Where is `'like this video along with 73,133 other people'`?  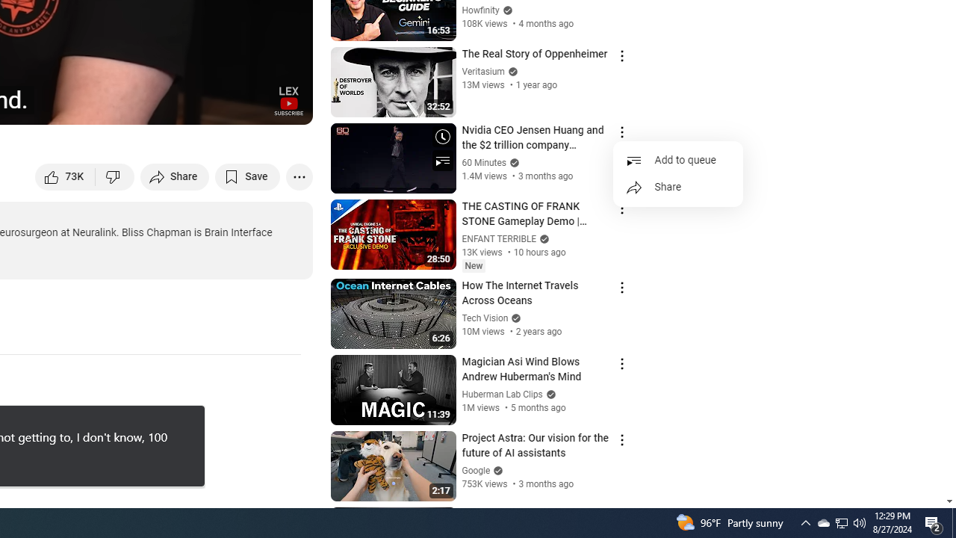 'like this video along with 73,133 other people' is located at coordinates (65, 176).